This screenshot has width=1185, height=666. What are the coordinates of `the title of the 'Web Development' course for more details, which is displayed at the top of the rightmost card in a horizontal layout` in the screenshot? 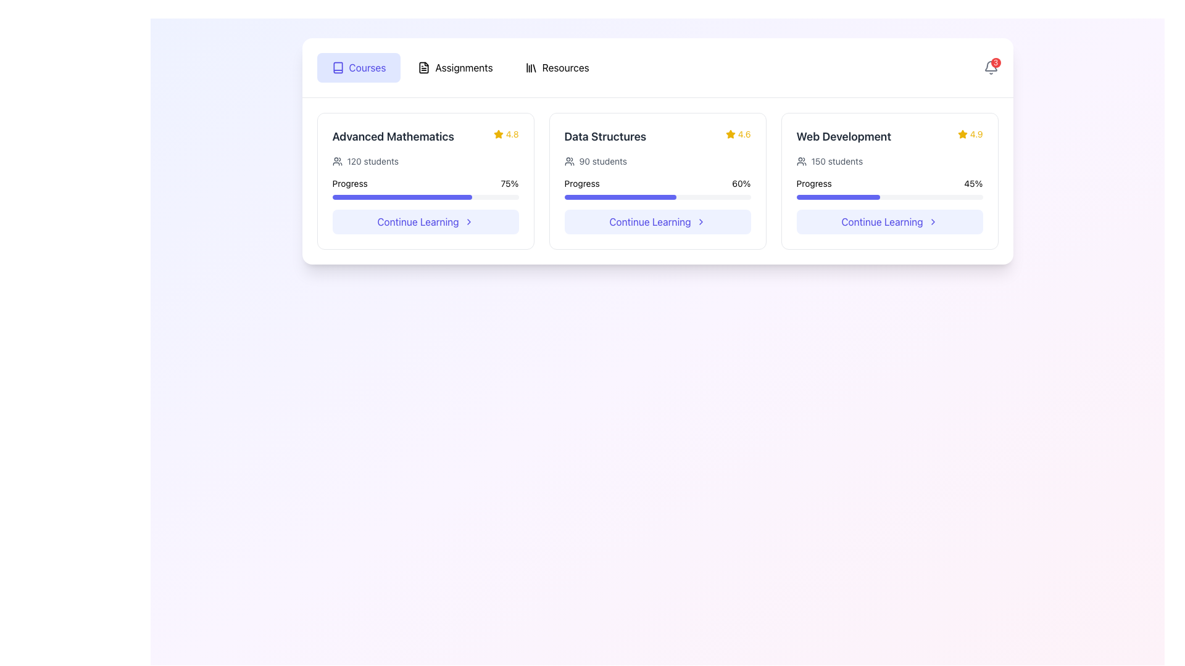 It's located at (889, 137).